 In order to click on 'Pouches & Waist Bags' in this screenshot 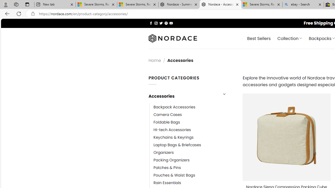, I will do `click(174, 175)`.